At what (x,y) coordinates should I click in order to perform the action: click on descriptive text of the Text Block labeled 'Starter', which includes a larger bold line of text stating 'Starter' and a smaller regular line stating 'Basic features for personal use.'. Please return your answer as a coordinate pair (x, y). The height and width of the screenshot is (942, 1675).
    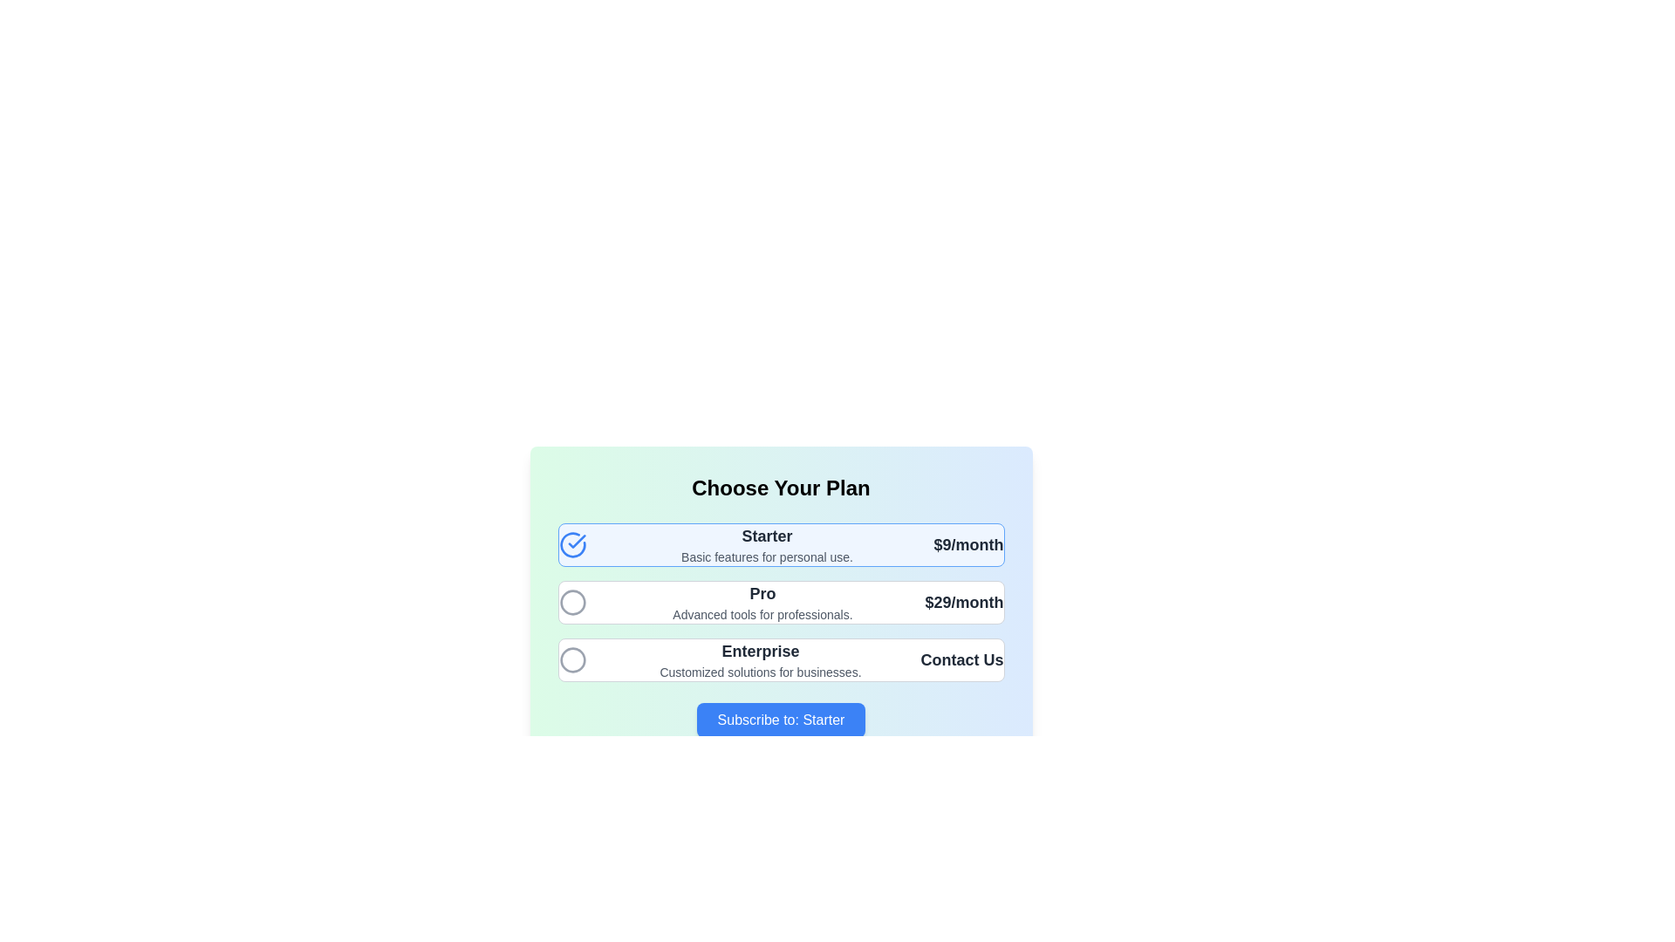
    Looking at the image, I should click on (767, 543).